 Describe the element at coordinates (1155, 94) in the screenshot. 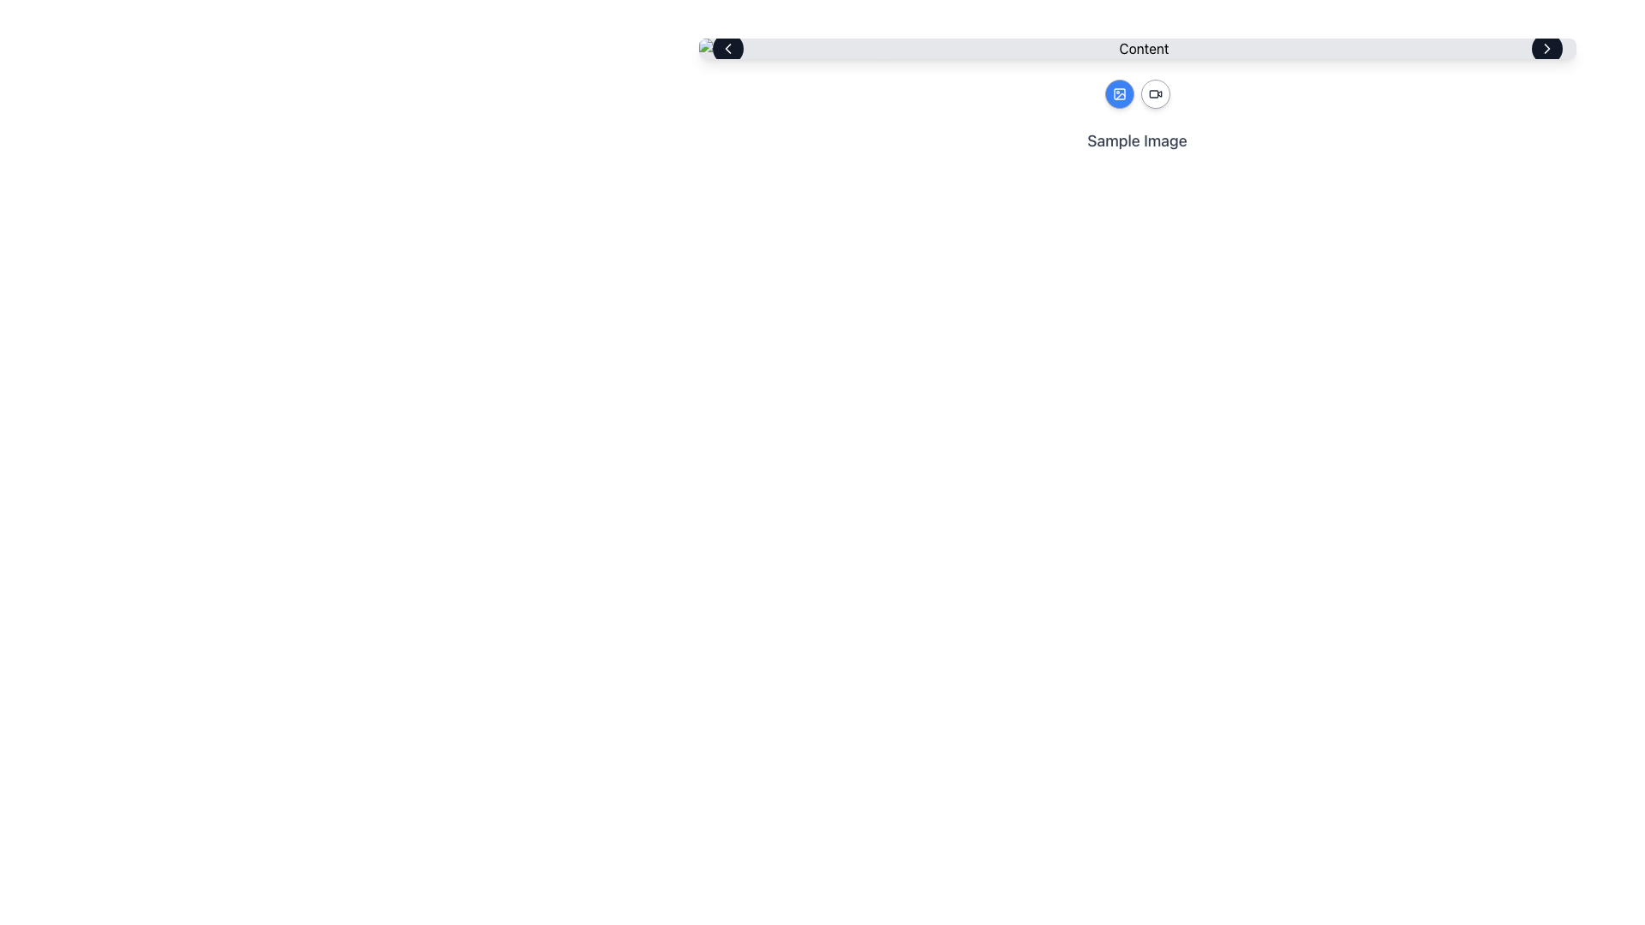

I see `the video icon button located in the top bar interface, which is the second button to the right of the image icon` at that location.